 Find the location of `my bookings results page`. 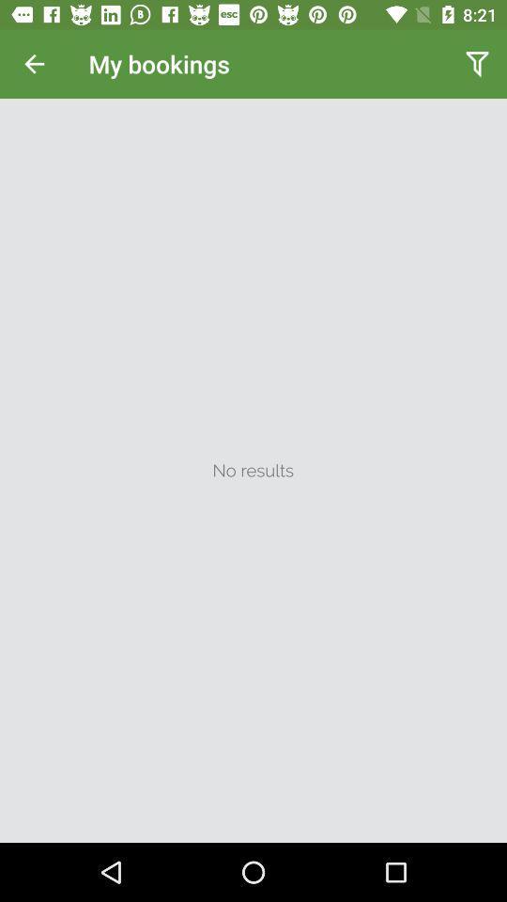

my bookings results page is located at coordinates (253, 470).